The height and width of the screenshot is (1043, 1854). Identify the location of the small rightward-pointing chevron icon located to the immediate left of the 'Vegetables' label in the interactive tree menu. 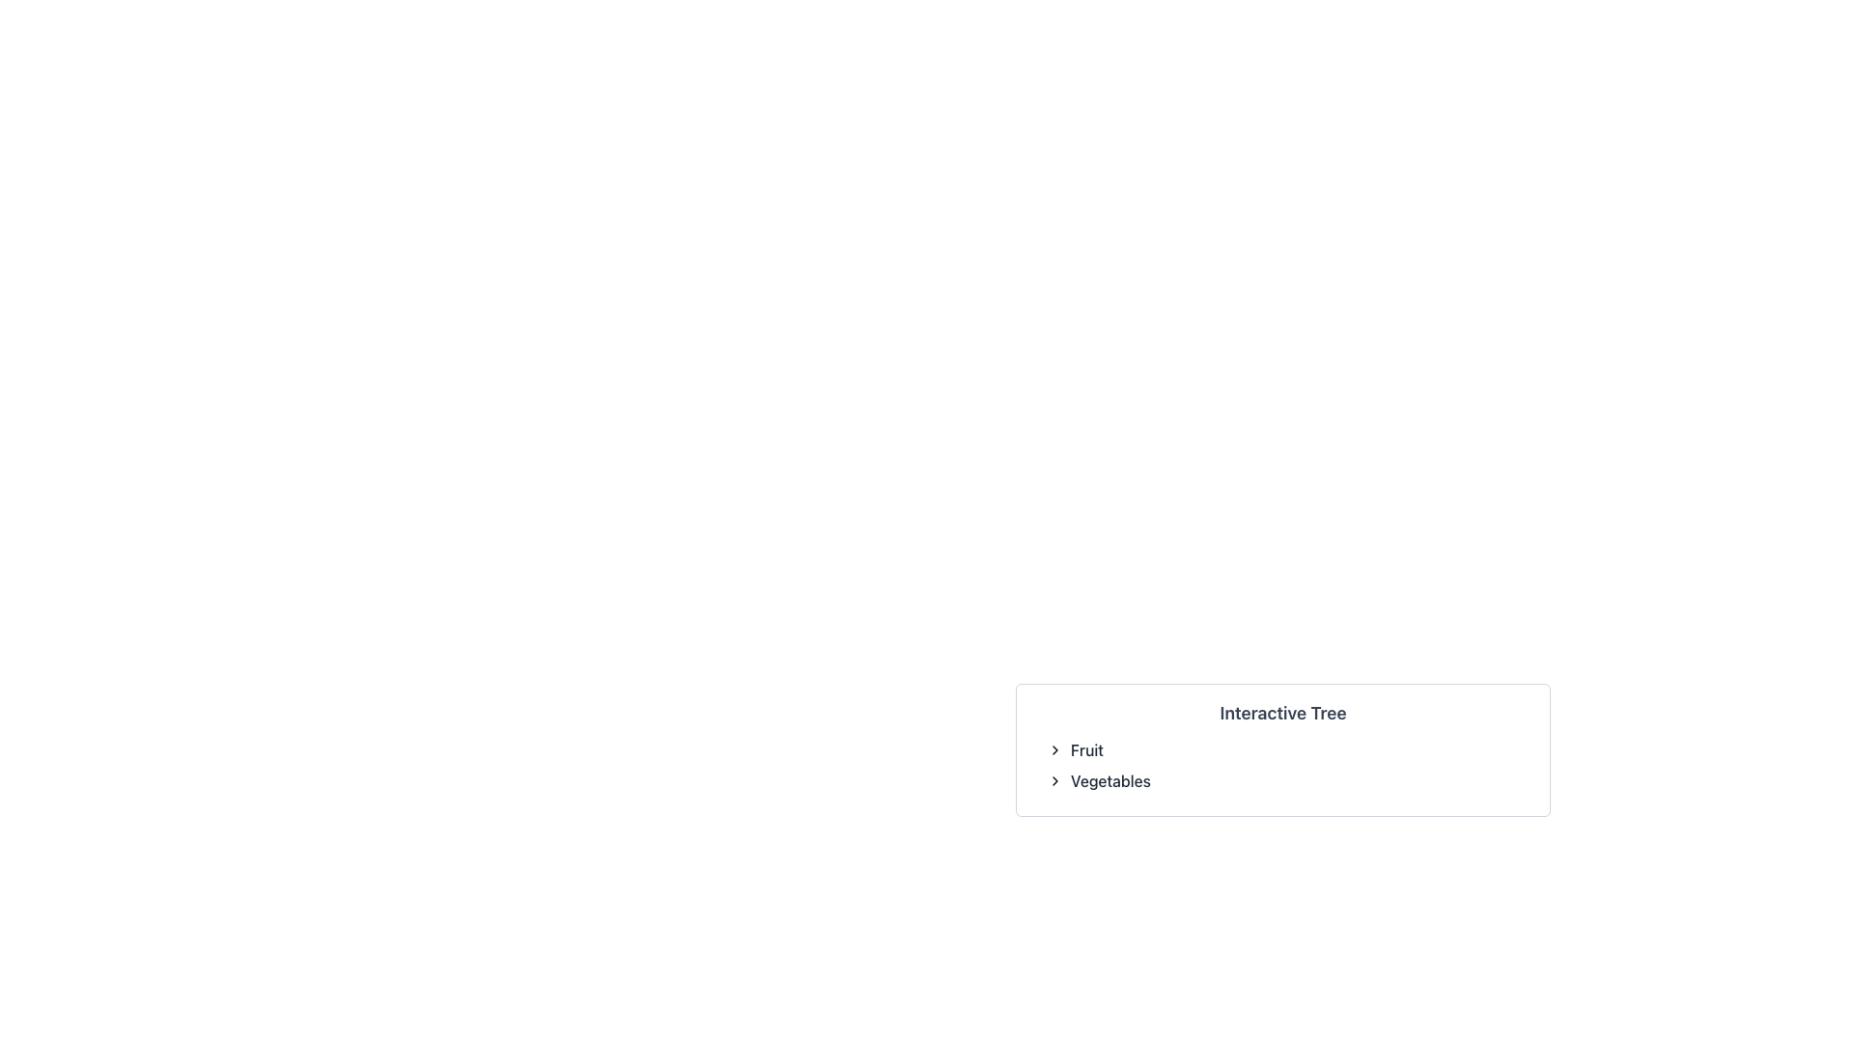
(1054, 780).